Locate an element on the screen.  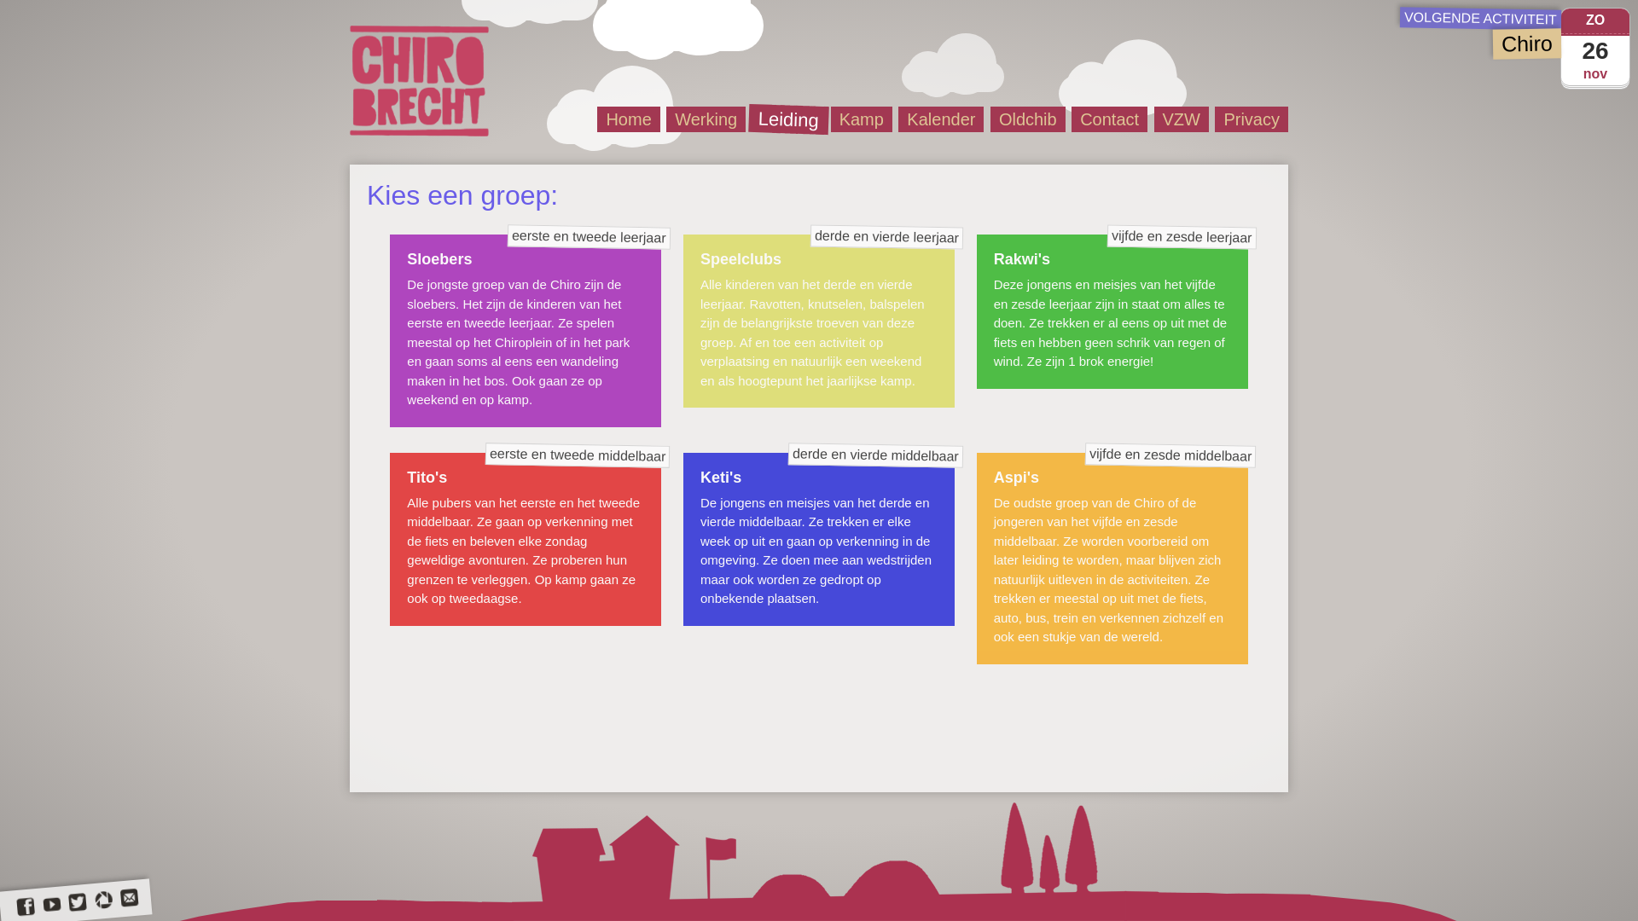
'Leiding' is located at coordinates (783, 116).